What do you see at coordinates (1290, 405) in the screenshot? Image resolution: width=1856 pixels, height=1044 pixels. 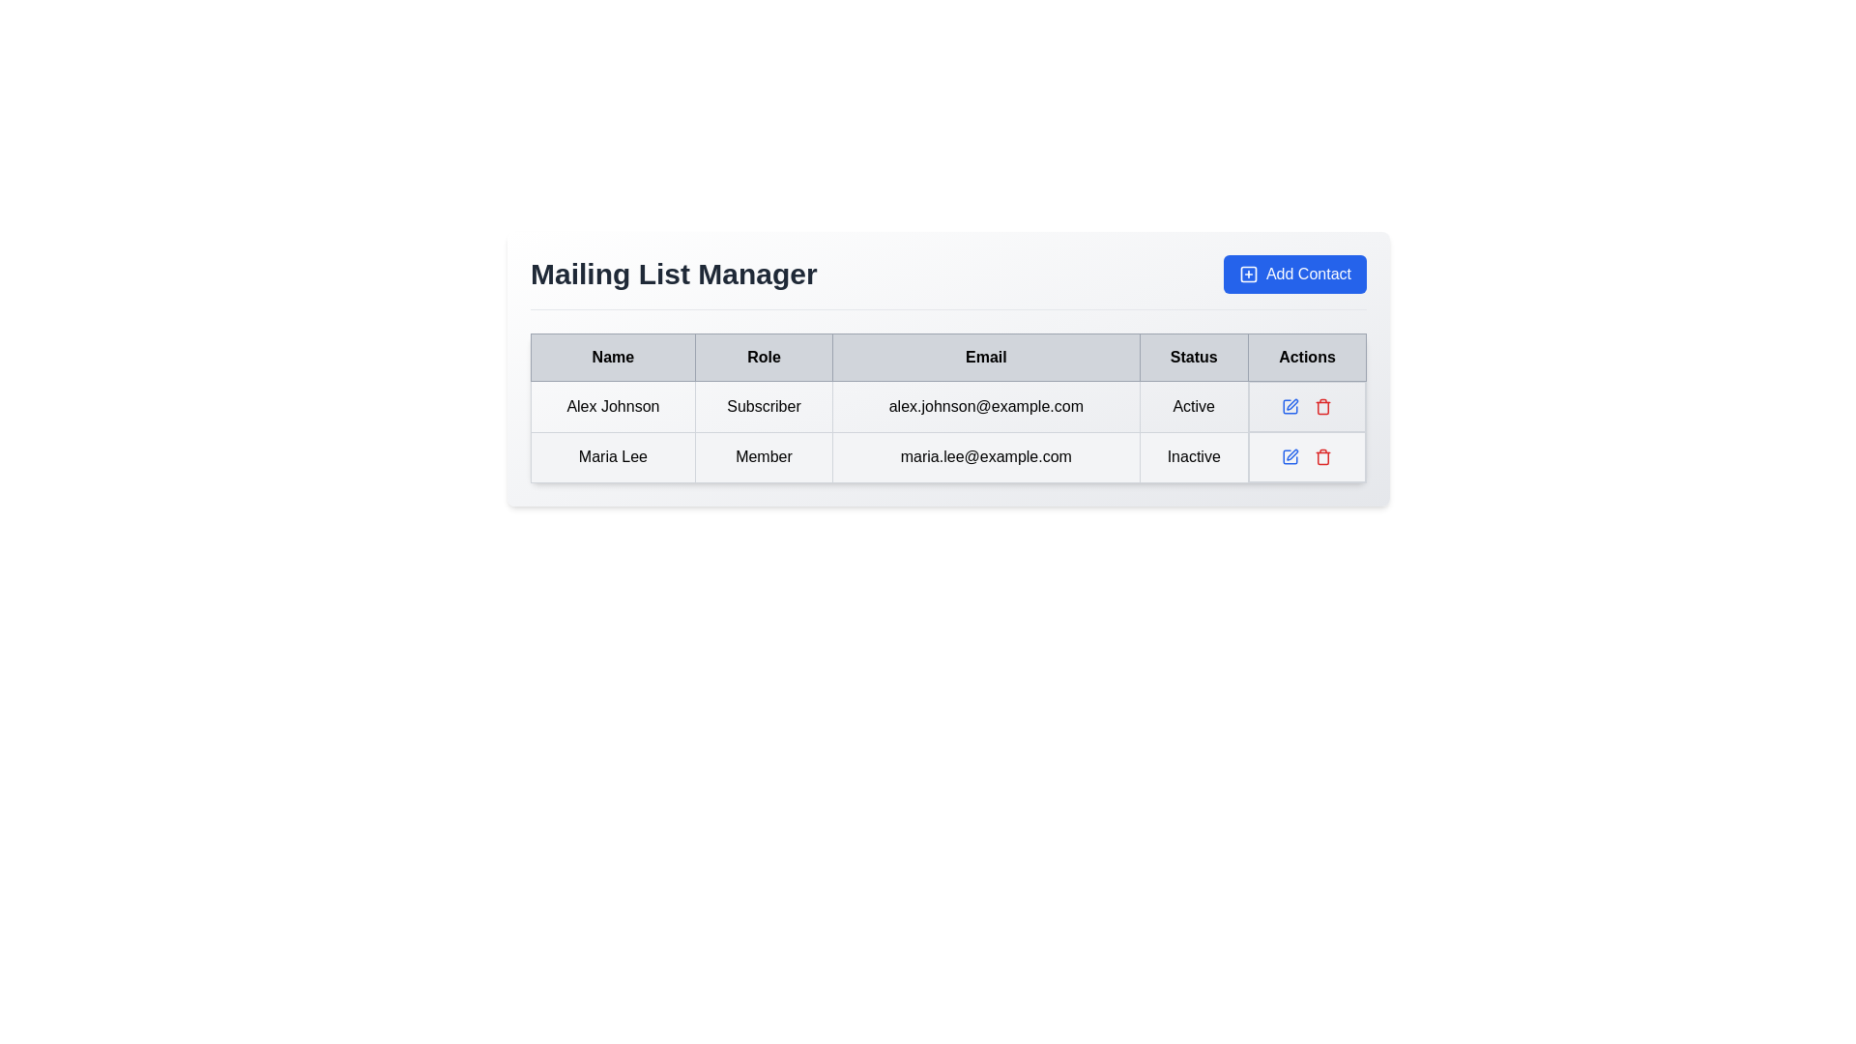 I see `the pencil icon button located in the first row of the 'Actions' column` at bounding box center [1290, 405].